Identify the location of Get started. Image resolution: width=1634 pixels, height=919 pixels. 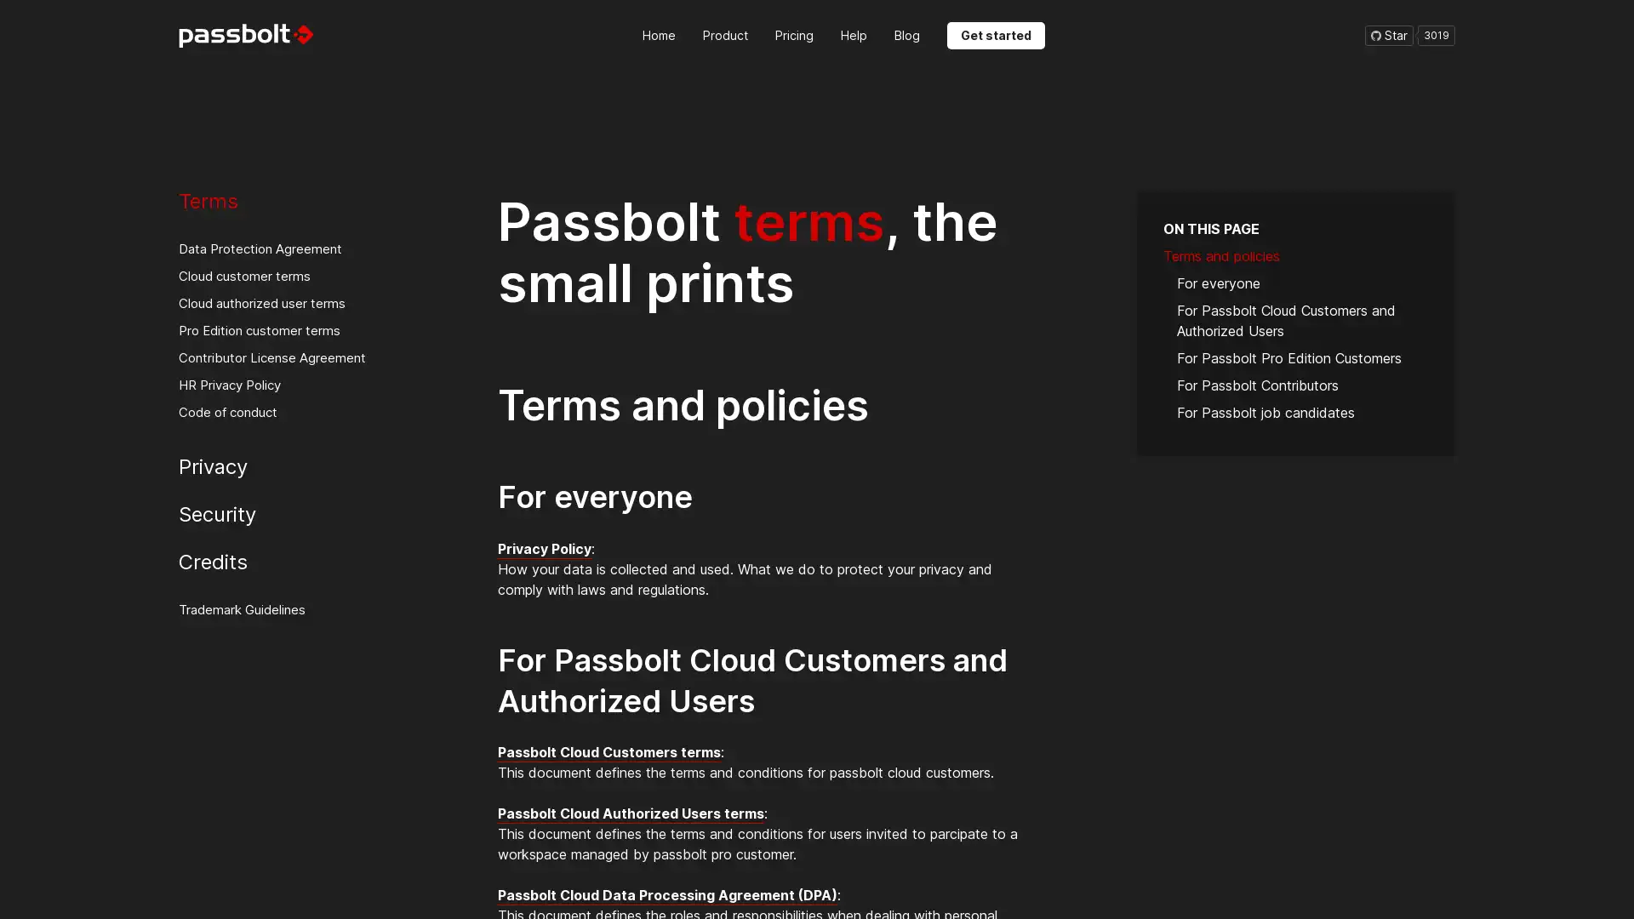
(995, 35).